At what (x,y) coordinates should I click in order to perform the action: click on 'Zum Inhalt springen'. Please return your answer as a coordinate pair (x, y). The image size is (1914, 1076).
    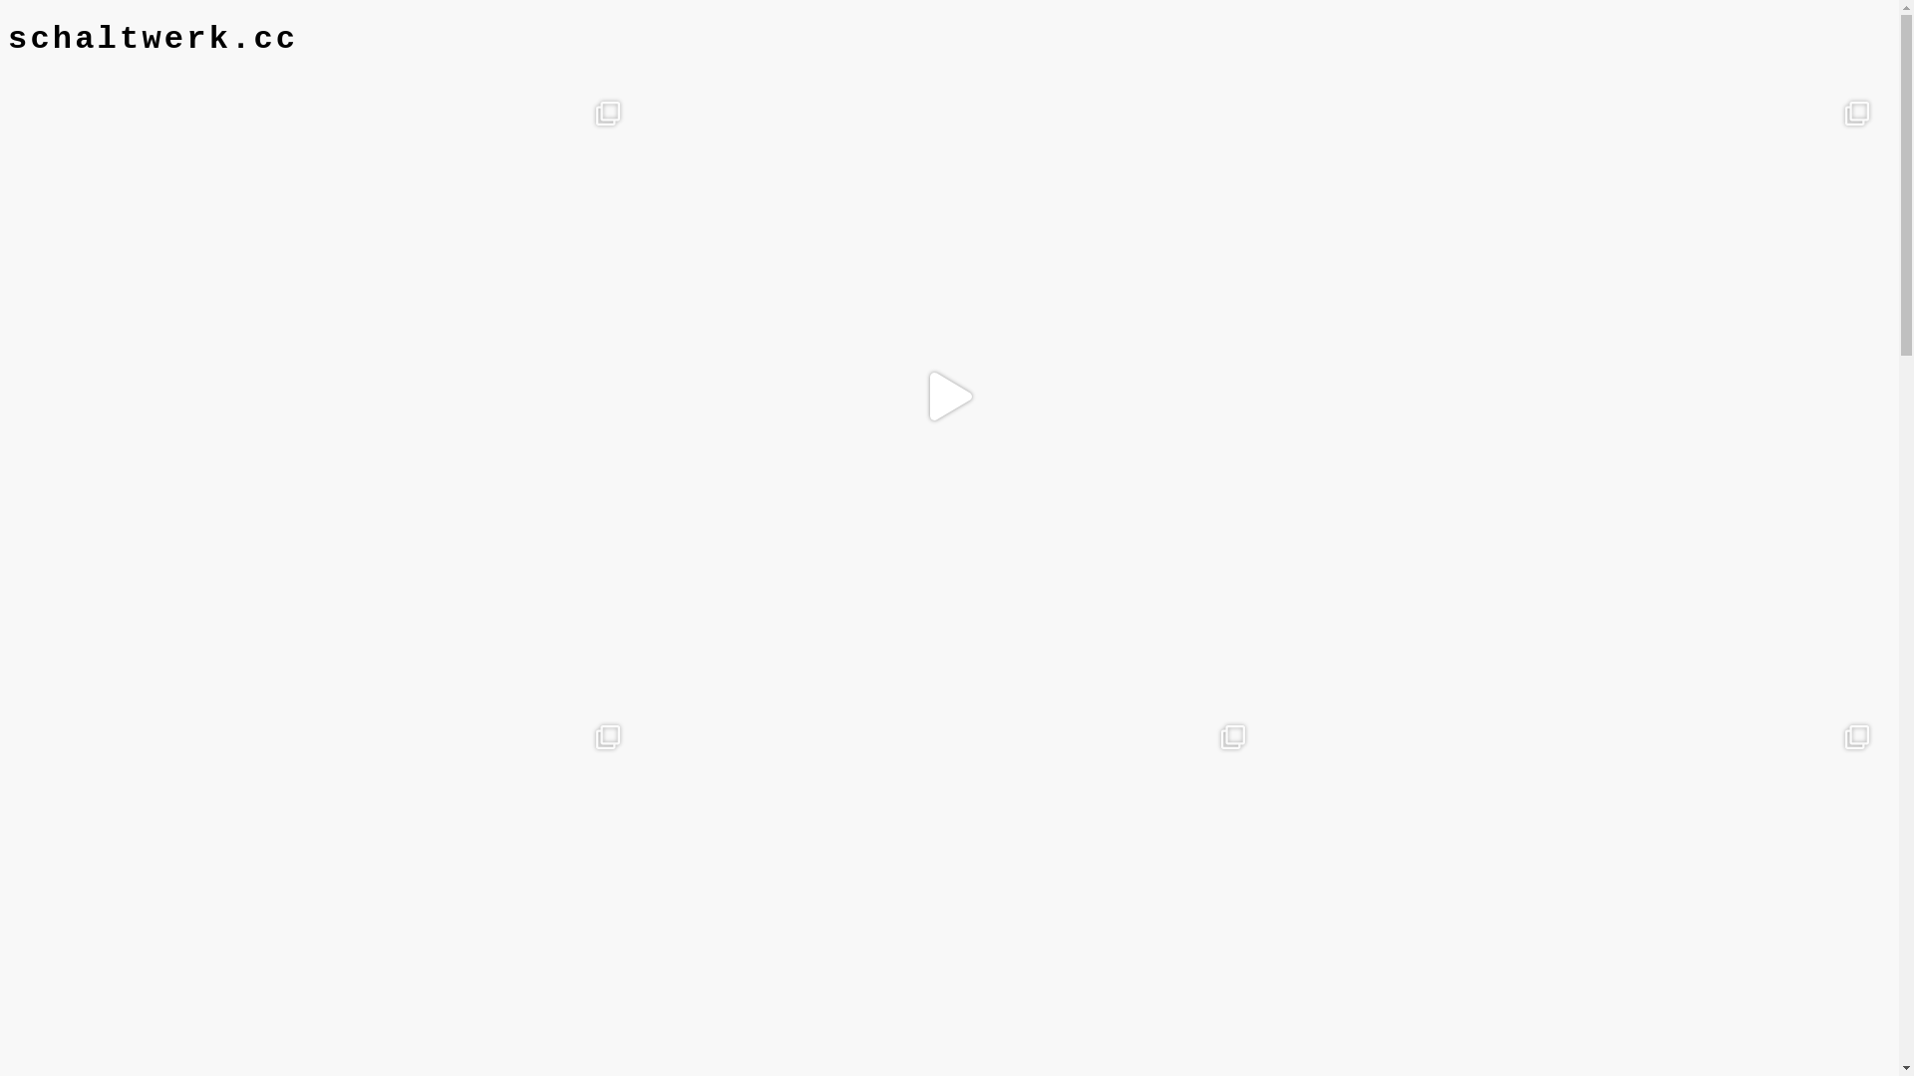
    Looking at the image, I should click on (7, 20).